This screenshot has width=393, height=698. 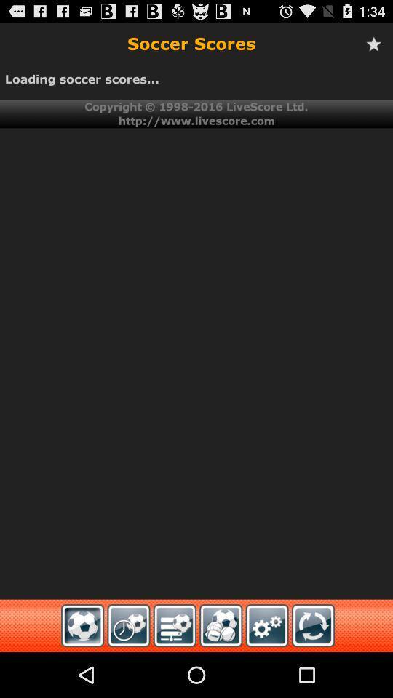 What do you see at coordinates (266, 670) in the screenshot?
I see `the settings icon` at bounding box center [266, 670].